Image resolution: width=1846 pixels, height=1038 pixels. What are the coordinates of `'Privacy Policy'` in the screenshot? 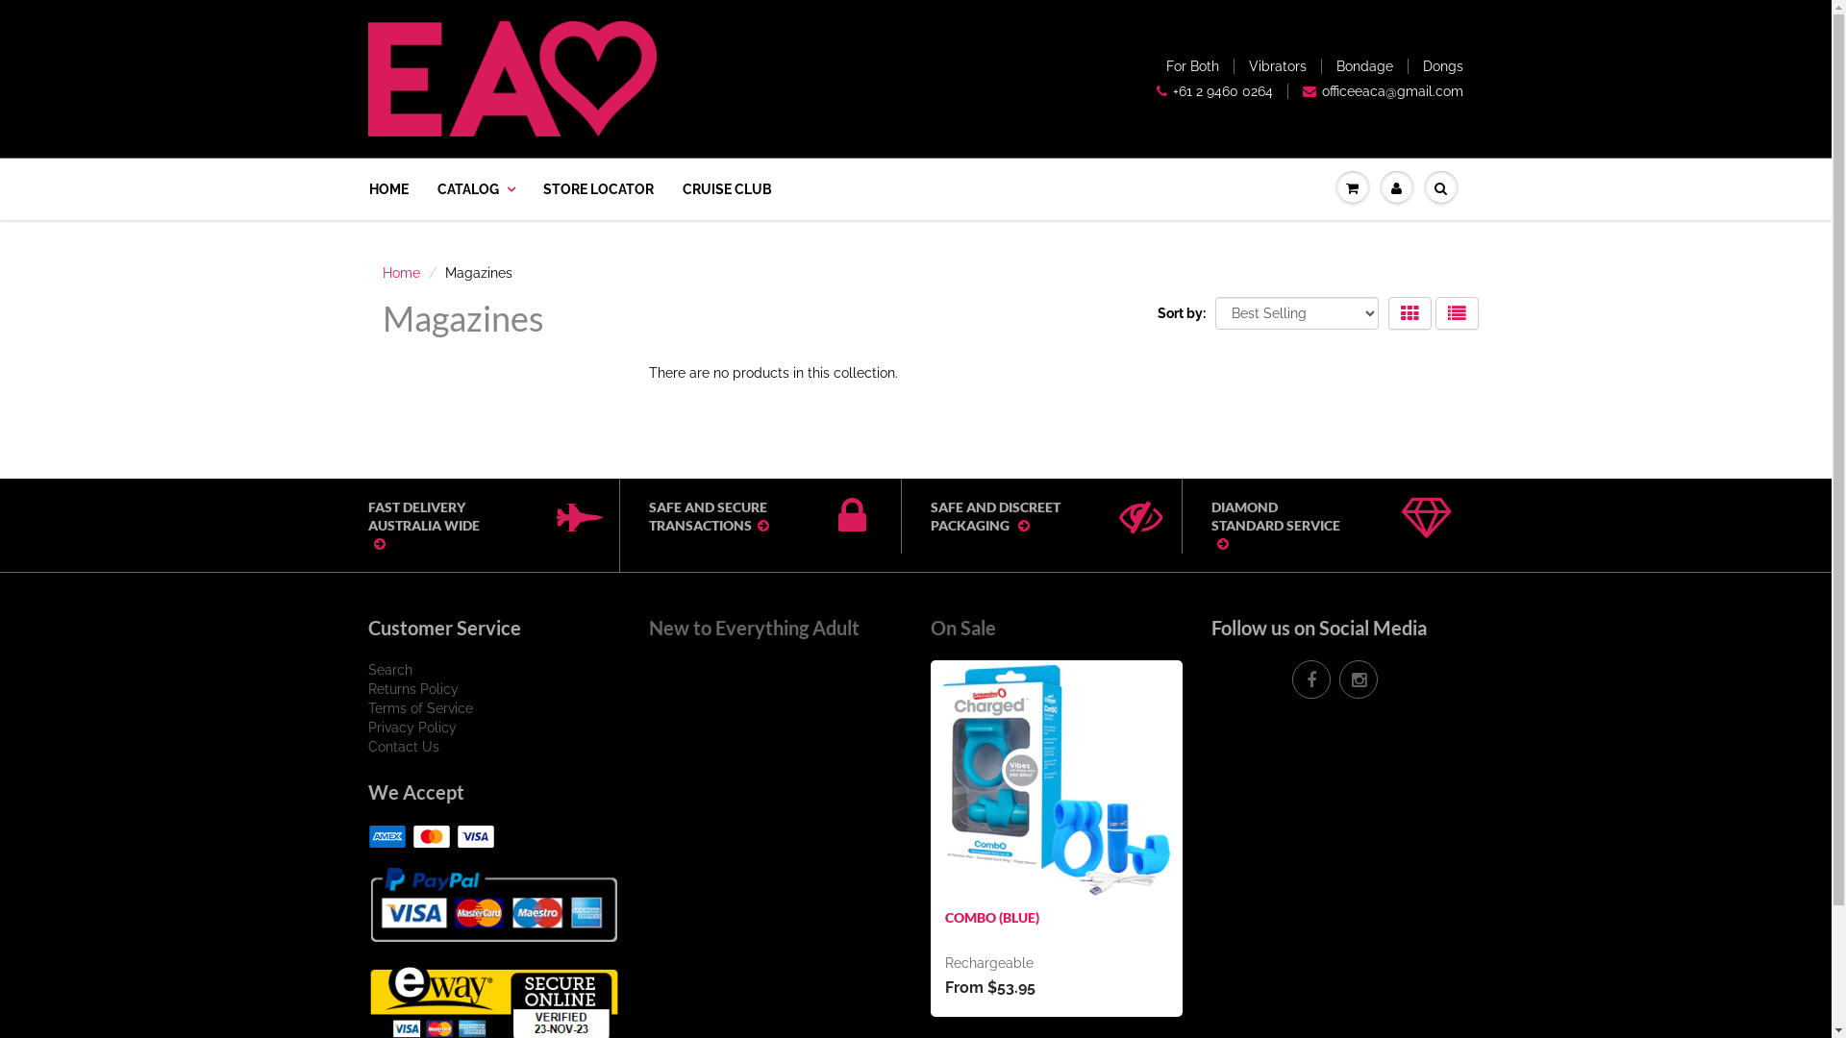 It's located at (410, 727).